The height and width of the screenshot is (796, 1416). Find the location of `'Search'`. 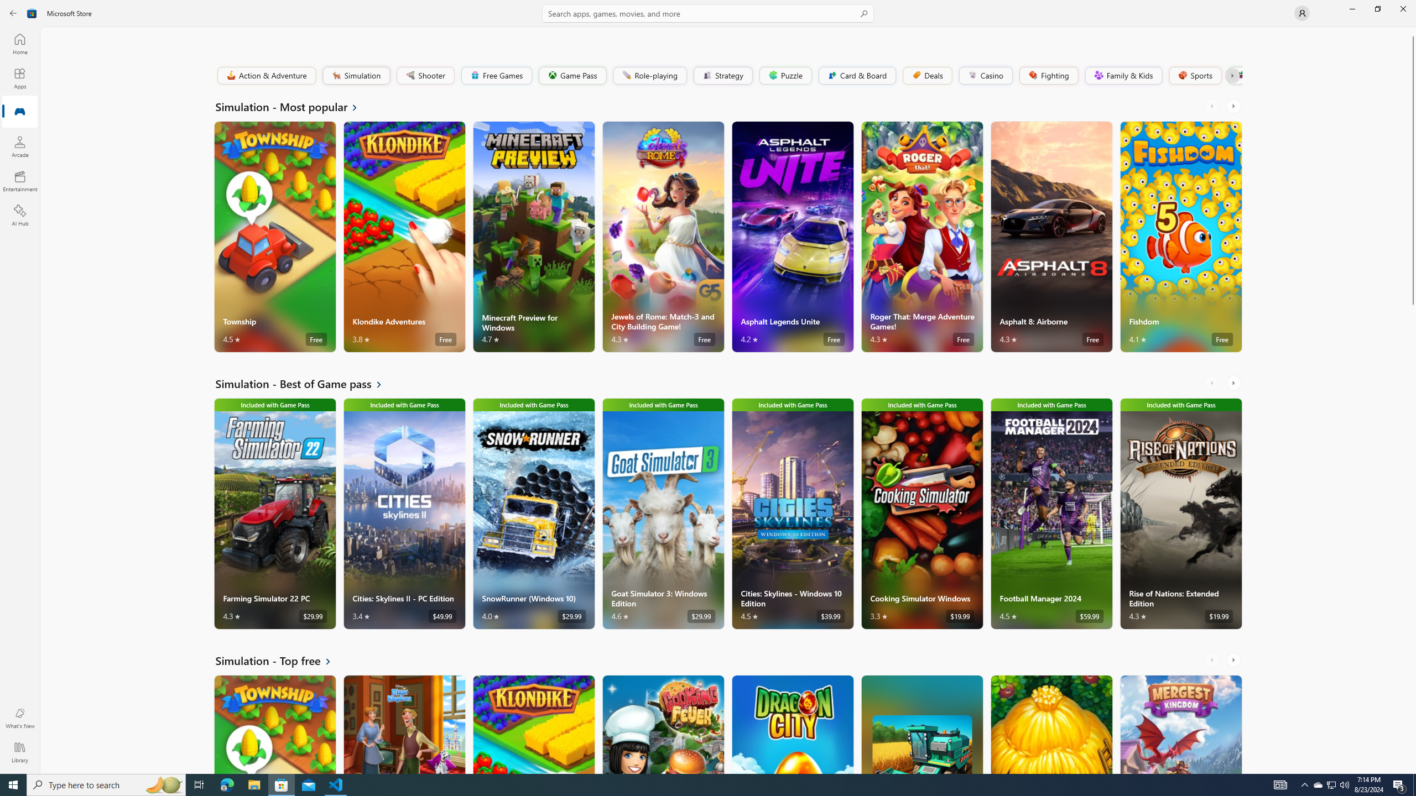

'Search' is located at coordinates (708, 13).